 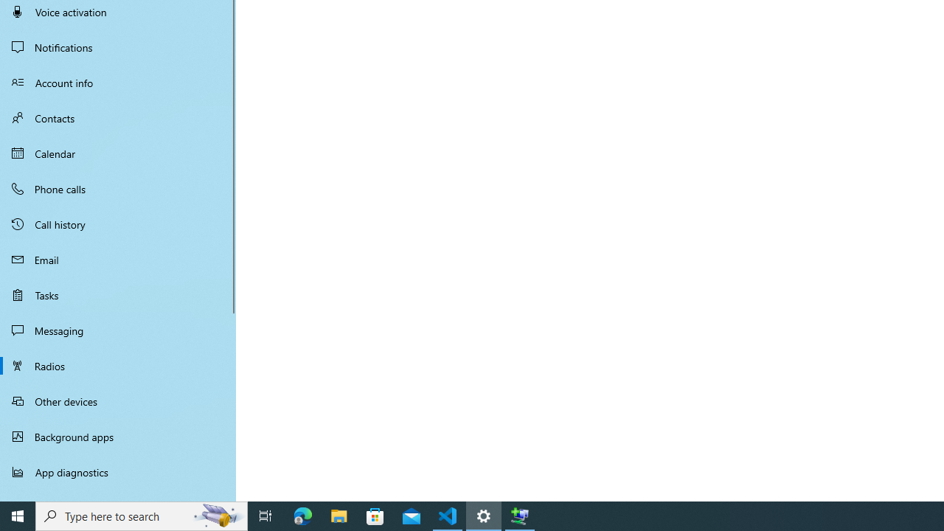 I want to click on 'Other devices', so click(x=118, y=400).